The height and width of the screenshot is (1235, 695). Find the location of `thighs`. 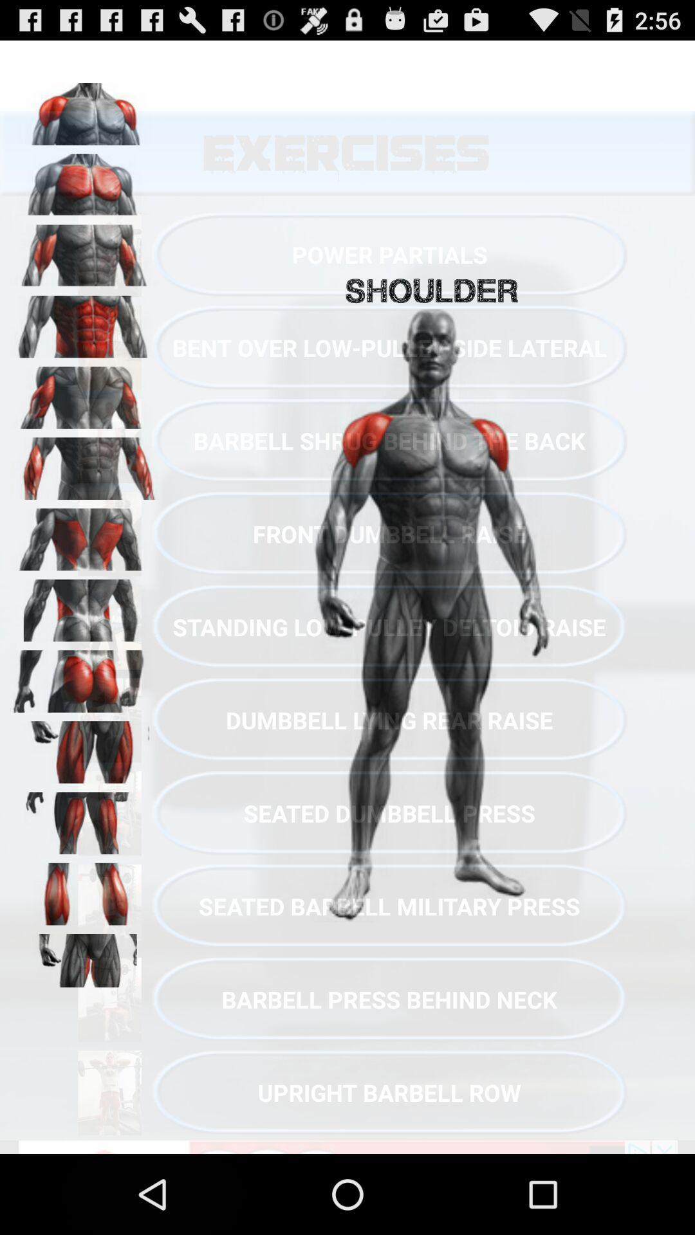

thighs is located at coordinates (84, 818).